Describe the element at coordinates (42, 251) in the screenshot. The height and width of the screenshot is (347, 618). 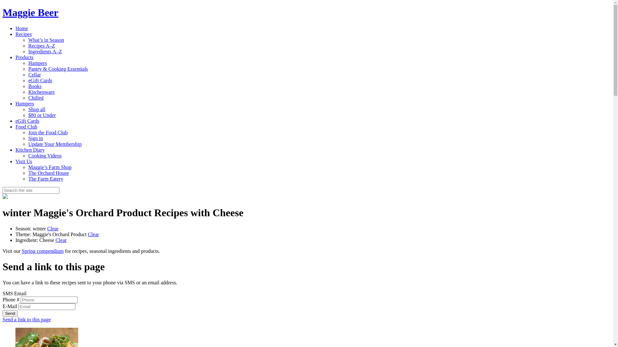
I see `'Spring compendium'` at that location.